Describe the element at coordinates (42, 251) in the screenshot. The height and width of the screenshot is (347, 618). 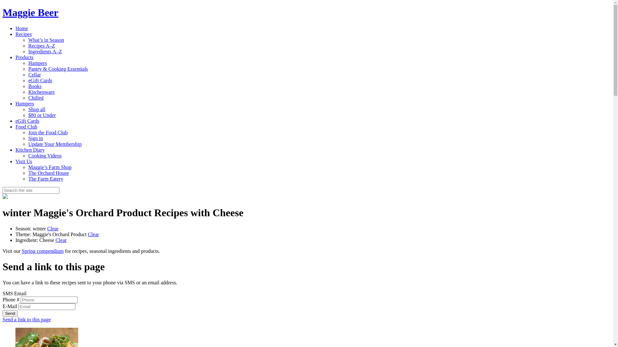
I see `'Spring compendium'` at that location.